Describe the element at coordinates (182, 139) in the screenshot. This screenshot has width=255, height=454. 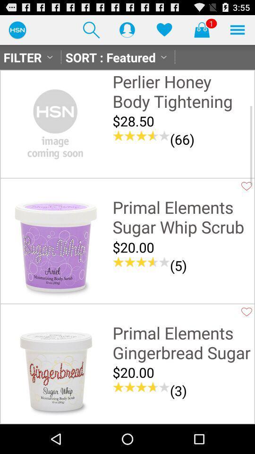
I see `the icon below the $28.50 item` at that location.